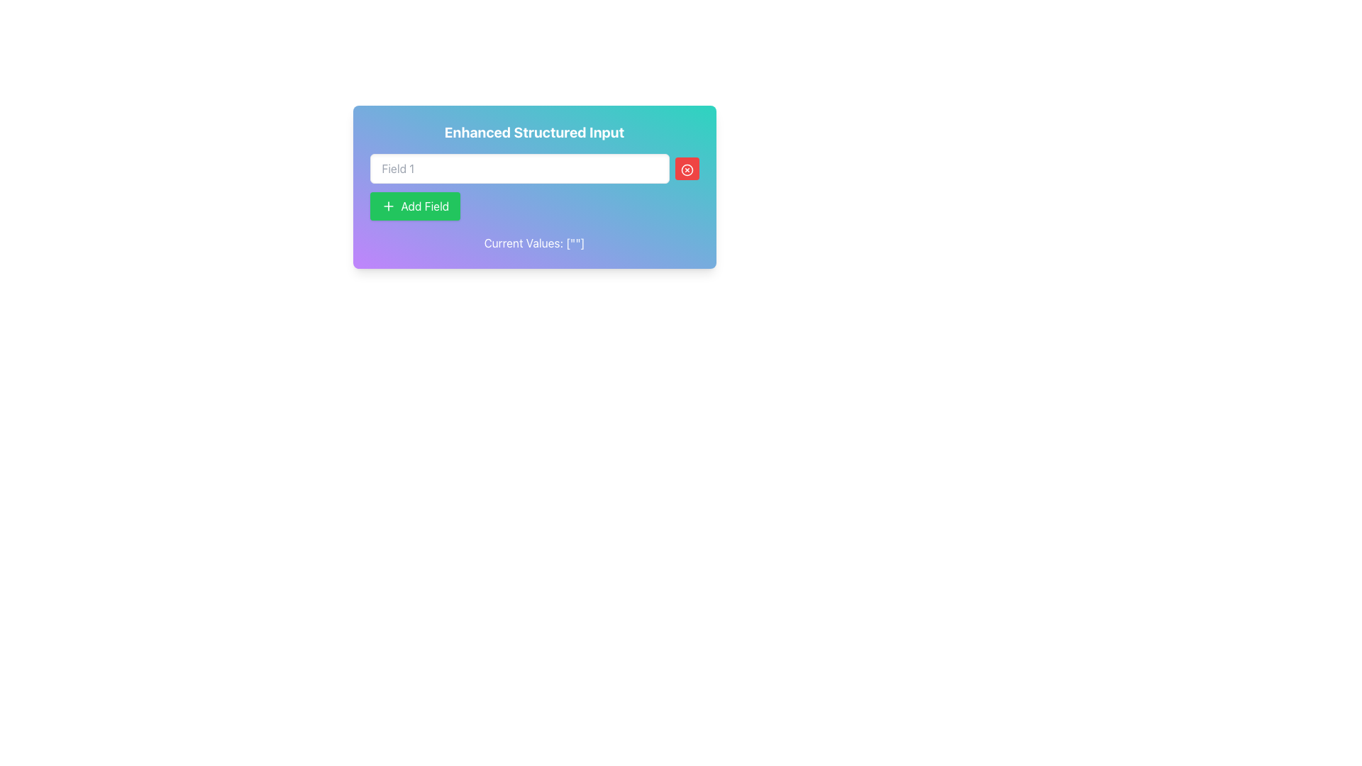  What do you see at coordinates (687, 169) in the screenshot?
I see `the circular border of the graphical icon located inside the red box, which is positioned to the right of a text input field, to interact with the surrounding context` at bounding box center [687, 169].